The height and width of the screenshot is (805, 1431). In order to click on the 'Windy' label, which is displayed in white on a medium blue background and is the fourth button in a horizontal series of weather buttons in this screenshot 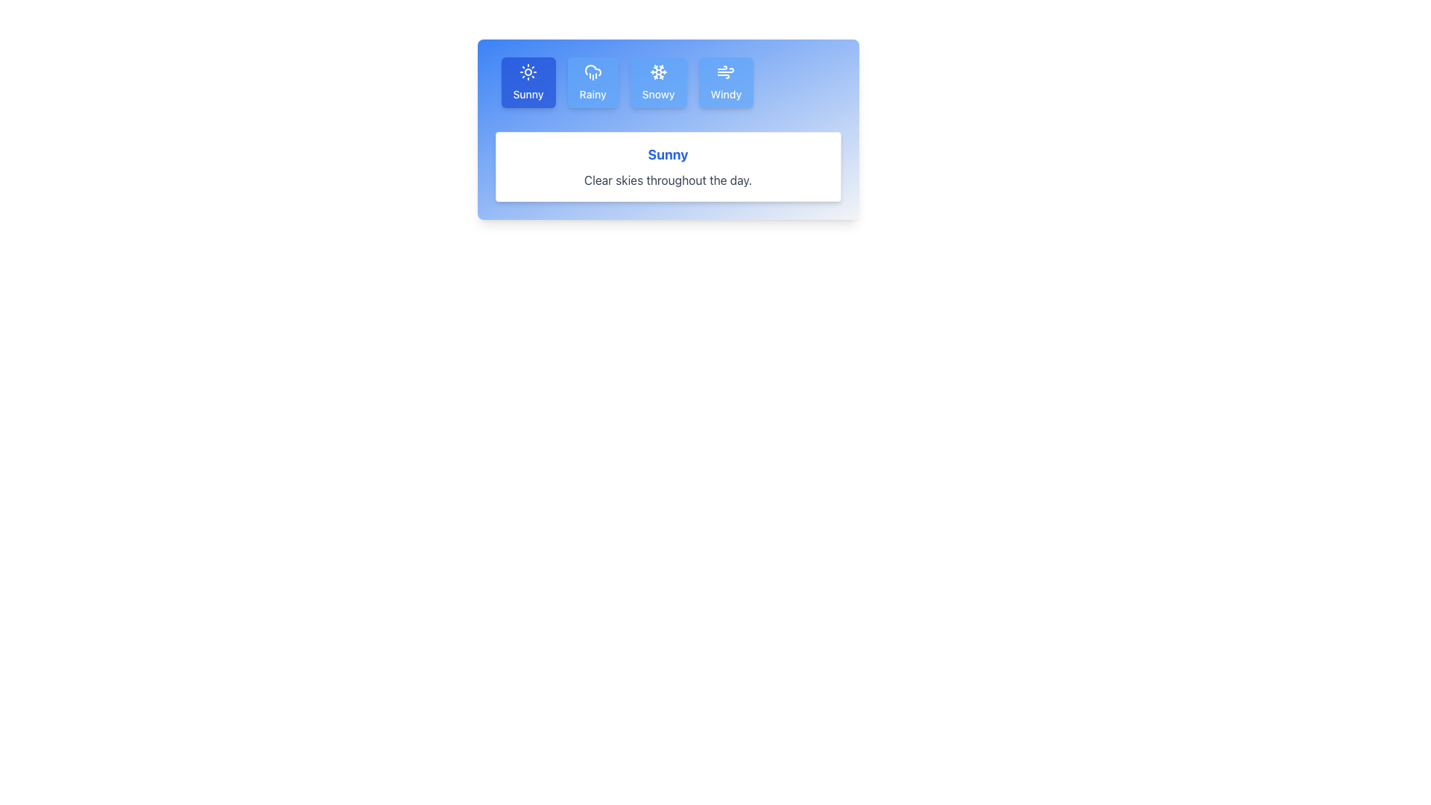, I will do `click(726, 95)`.